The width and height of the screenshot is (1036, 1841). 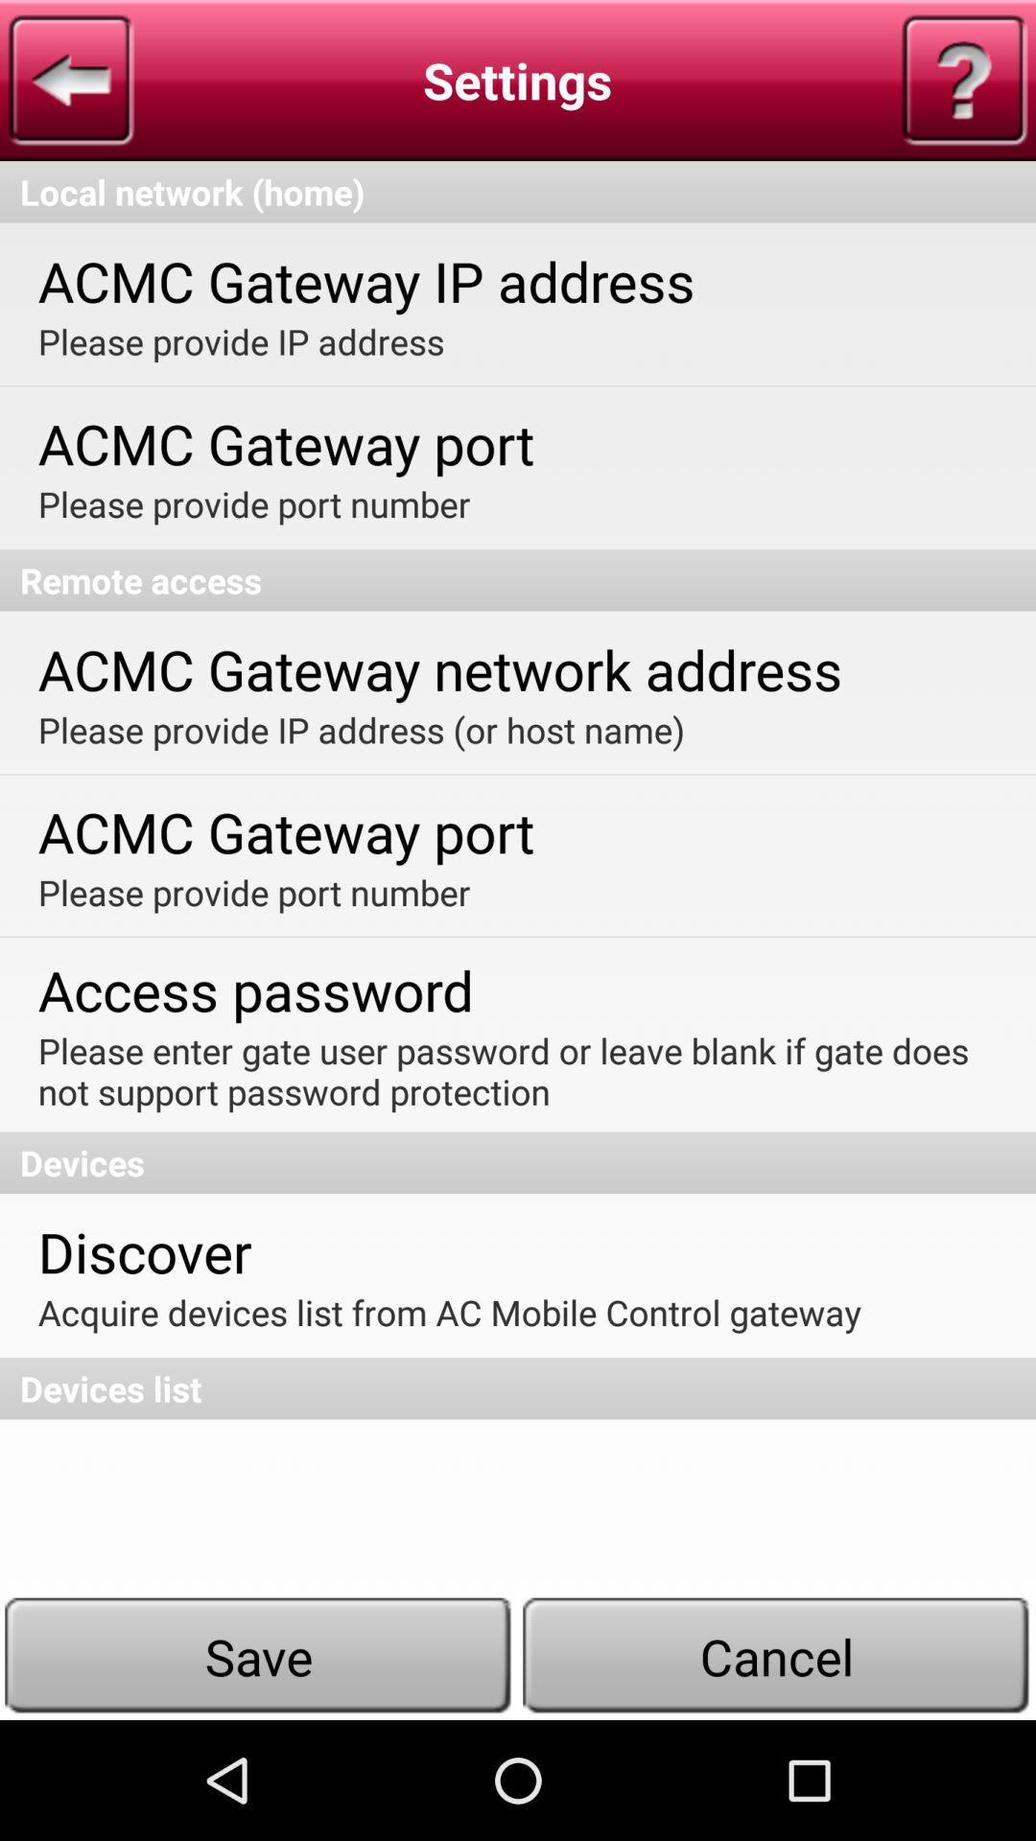 I want to click on the button which is on the left of settings, so click(x=69, y=80).